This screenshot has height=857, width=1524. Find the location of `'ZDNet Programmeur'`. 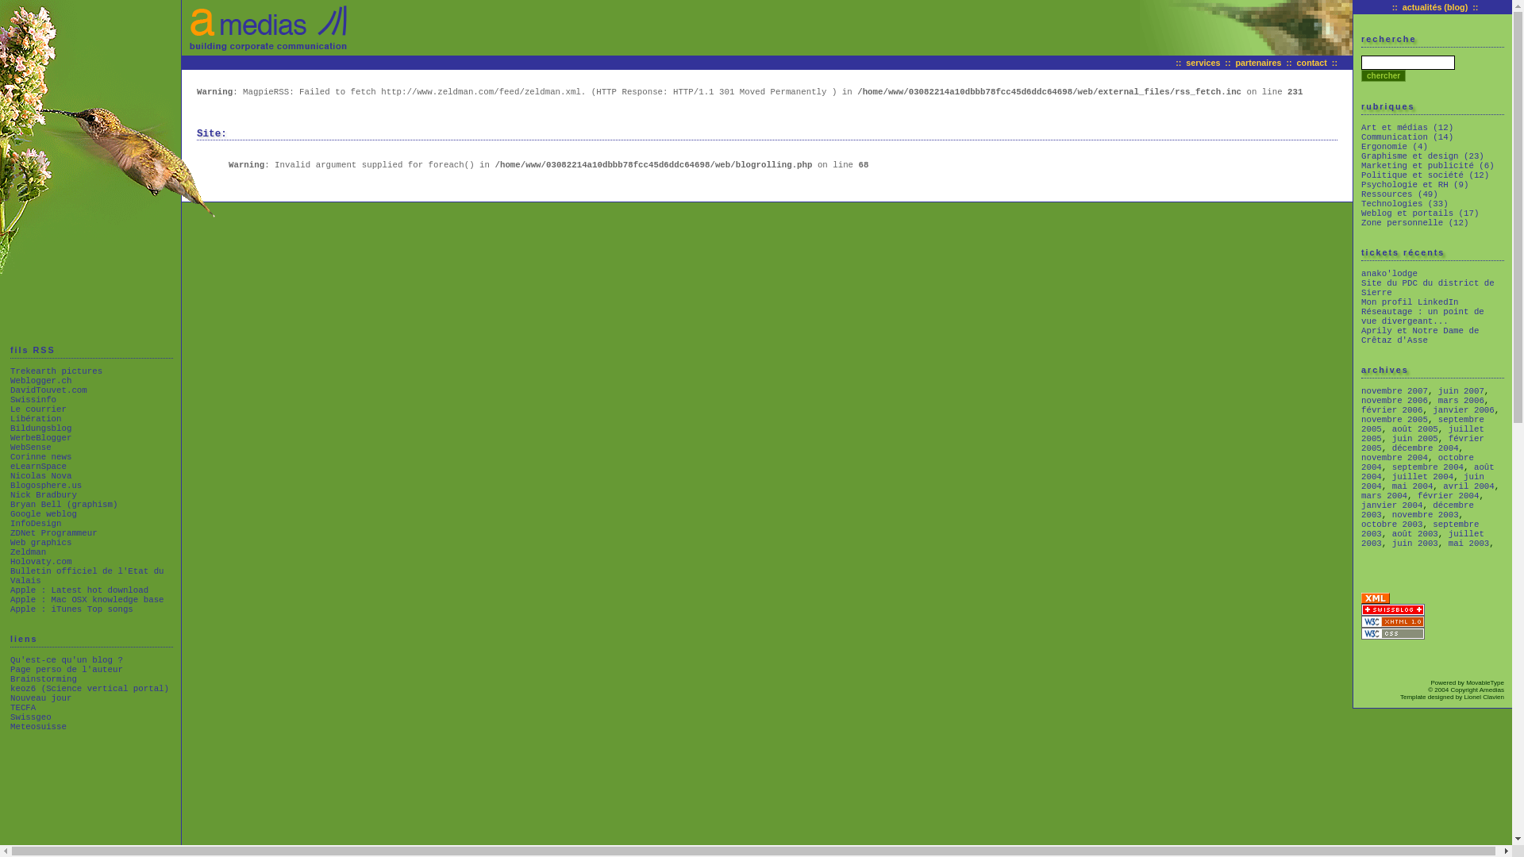

'ZDNet Programmeur' is located at coordinates (10, 532).